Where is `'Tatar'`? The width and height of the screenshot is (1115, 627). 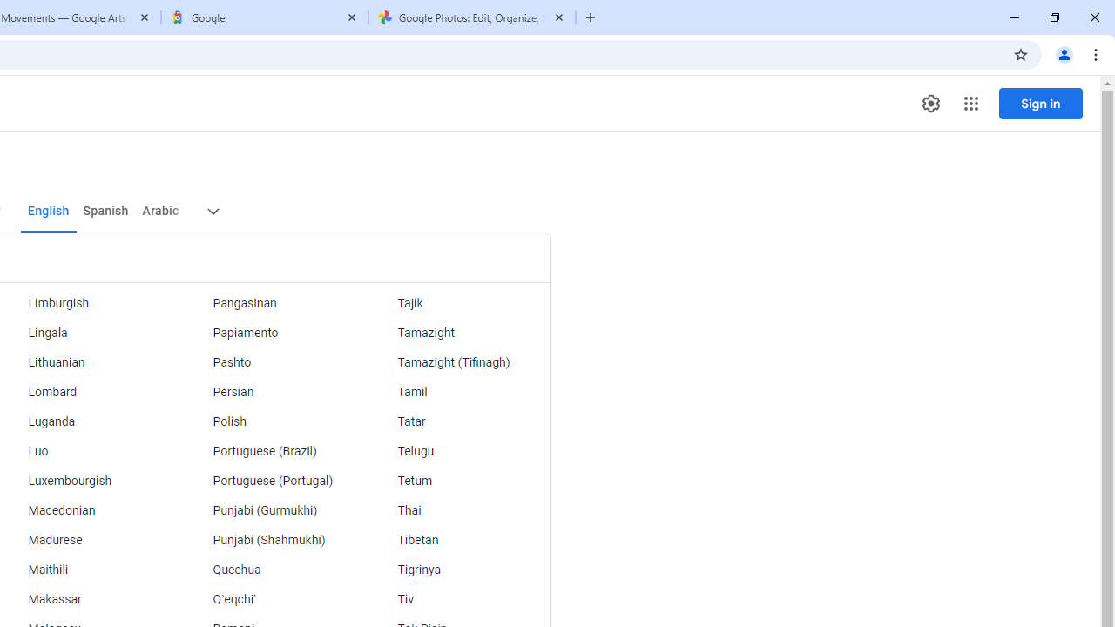
'Tatar' is located at coordinates (457, 421).